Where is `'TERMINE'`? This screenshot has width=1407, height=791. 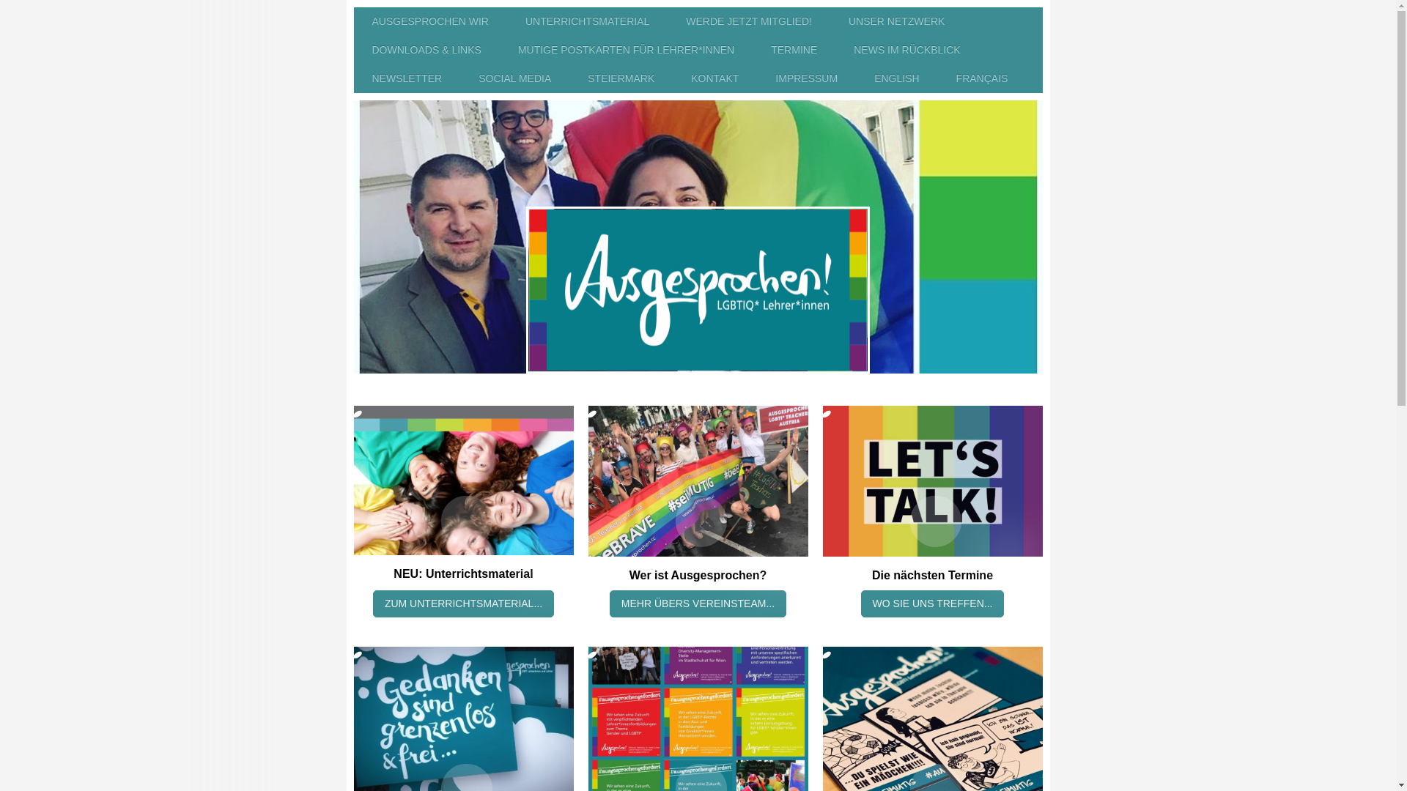
'TERMINE' is located at coordinates (793, 49).